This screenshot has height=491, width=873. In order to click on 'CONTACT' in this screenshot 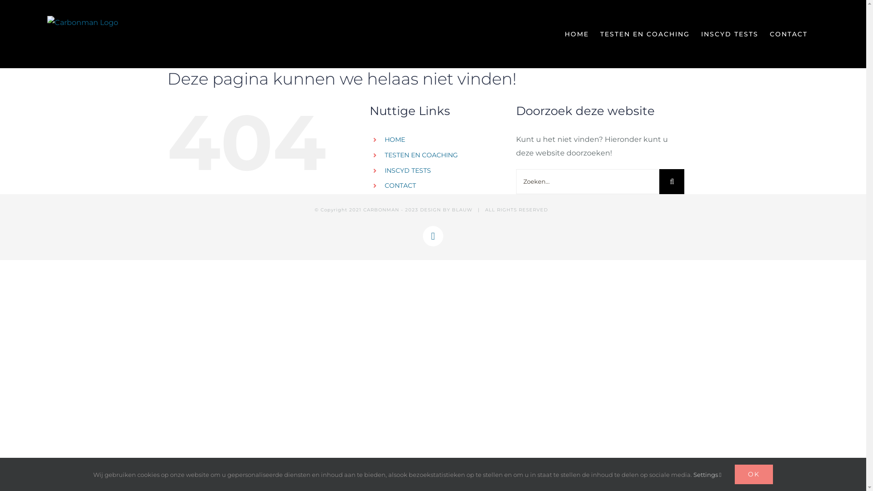, I will do `click(769, 33)`.